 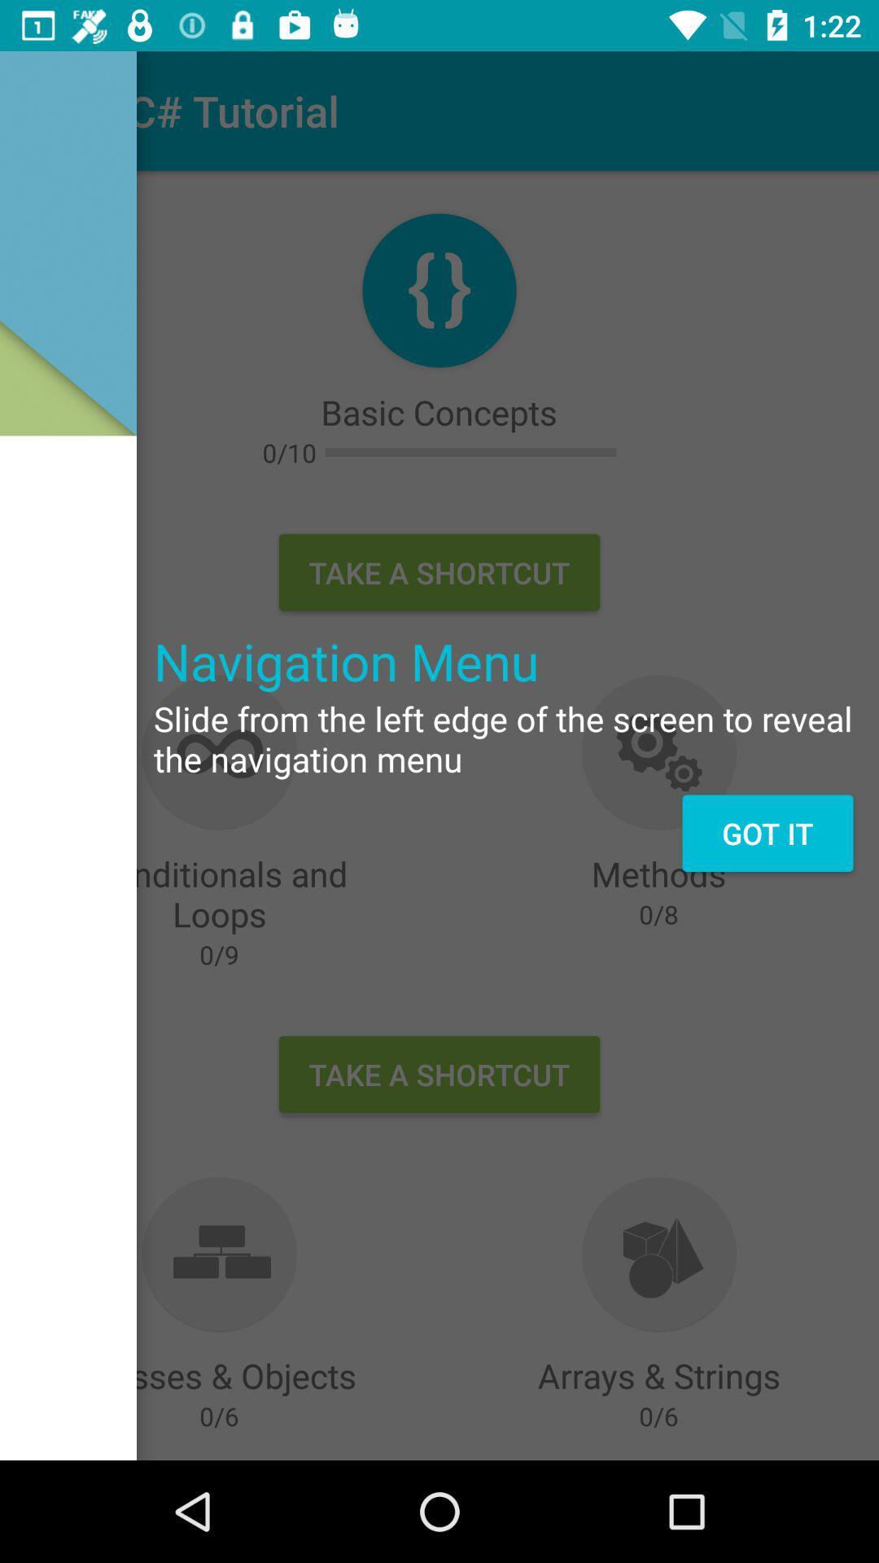 I want to click on the got it item, so click(x=767, y=833).